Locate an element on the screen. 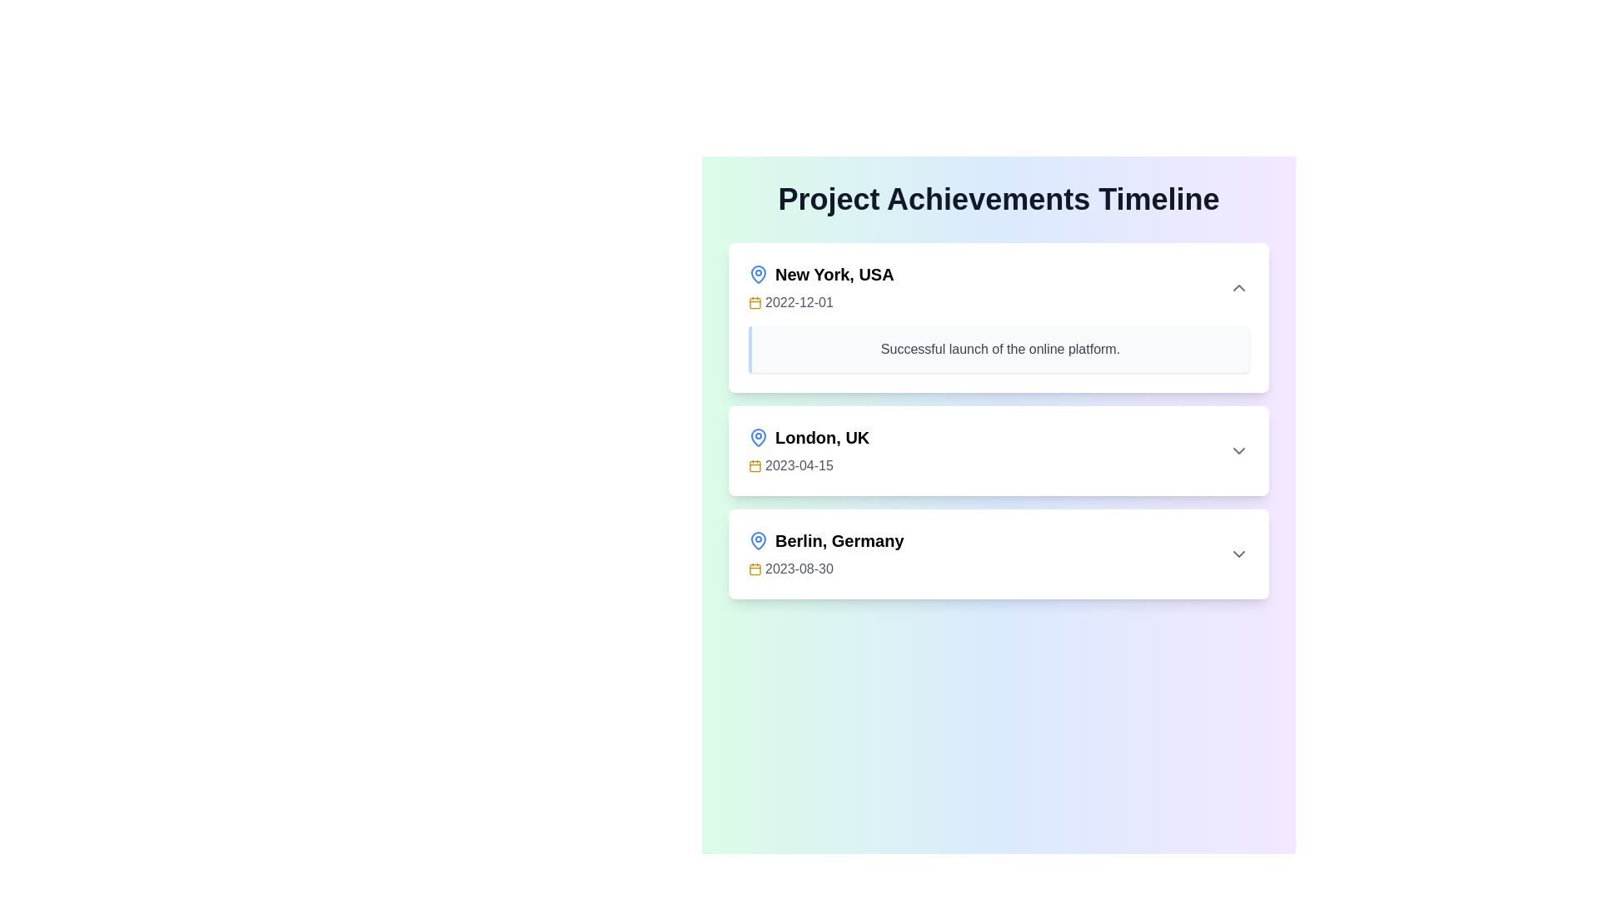 The width and height of the screenshot is (1599, 899). the small yellow and white calendar icon located to the left of the text '2023-08-30' in the third timeline item under 'Berlin, Germany' is located at coordinates (755, 568).